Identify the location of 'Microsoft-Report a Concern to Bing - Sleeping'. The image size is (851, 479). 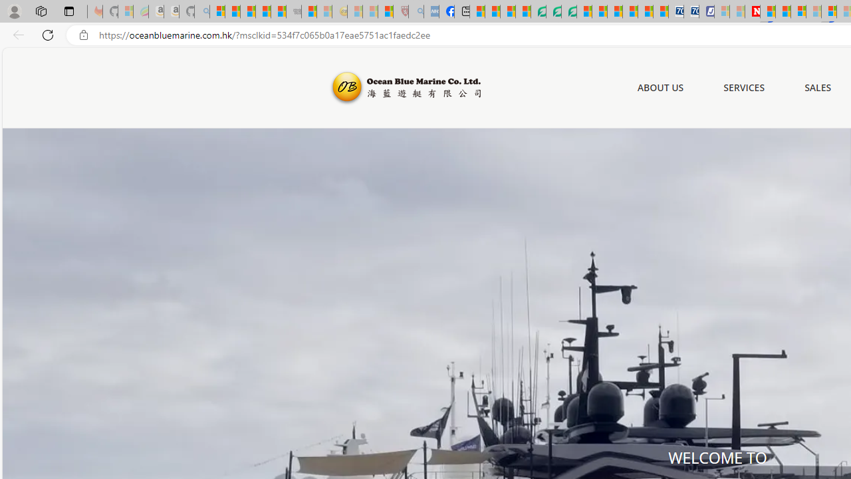
(125, 11).